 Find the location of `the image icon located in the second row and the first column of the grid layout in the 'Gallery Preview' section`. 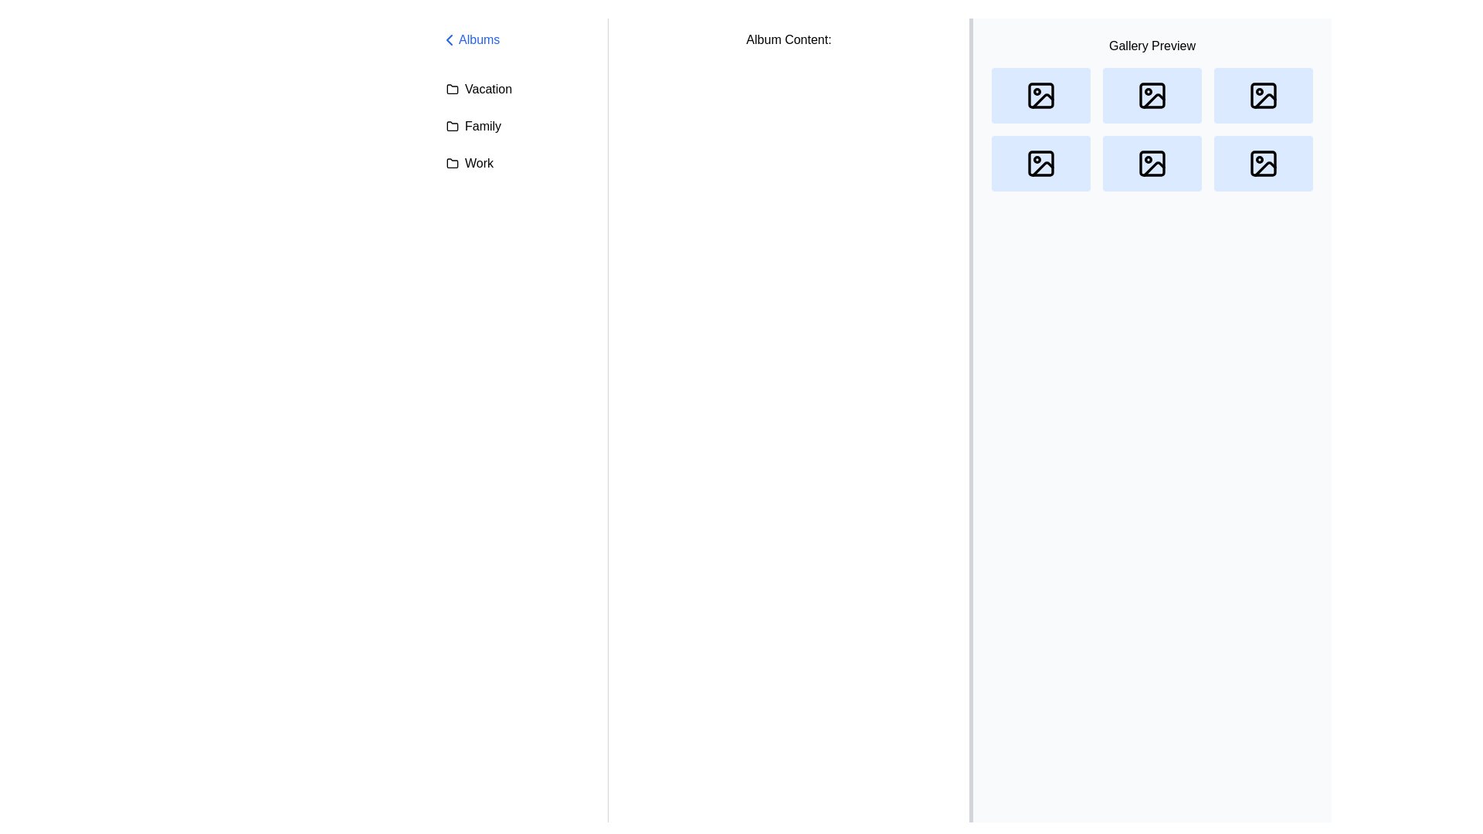

the image icon located in the second row and the first column of the grid layout in the 'Gallery Preview' section is located at coordinates (1041, 164).